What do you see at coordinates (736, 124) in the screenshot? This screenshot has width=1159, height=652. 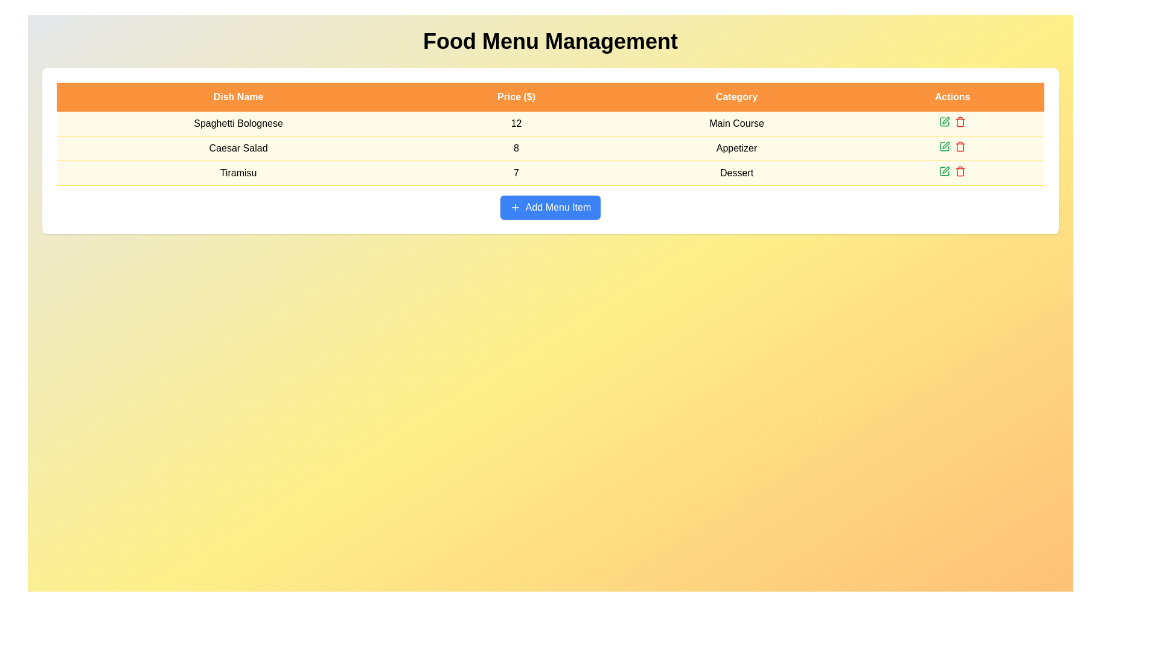 I see `the static text label indicating the category of the dish, located in the third column under the 'Category' heading of the first data row in the table` at bounding box center [736, 124].